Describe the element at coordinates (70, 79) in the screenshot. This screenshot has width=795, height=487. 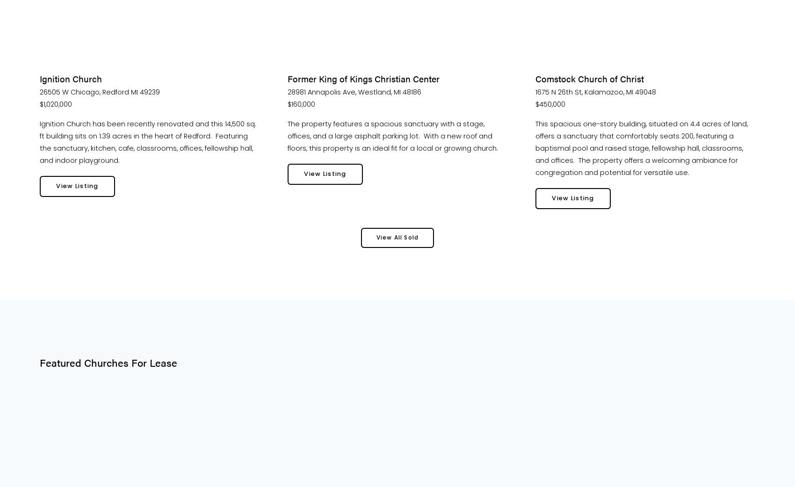
I see `'Ignition Church'` at that location.